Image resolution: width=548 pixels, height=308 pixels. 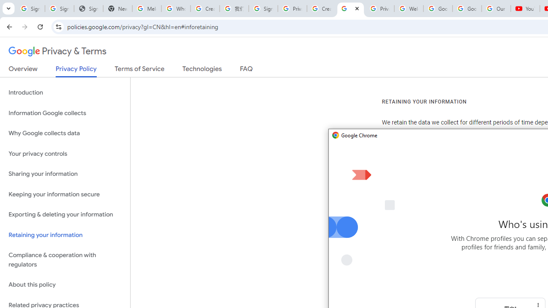 I want to click on 'Google Account', so click(x=467, y=9).